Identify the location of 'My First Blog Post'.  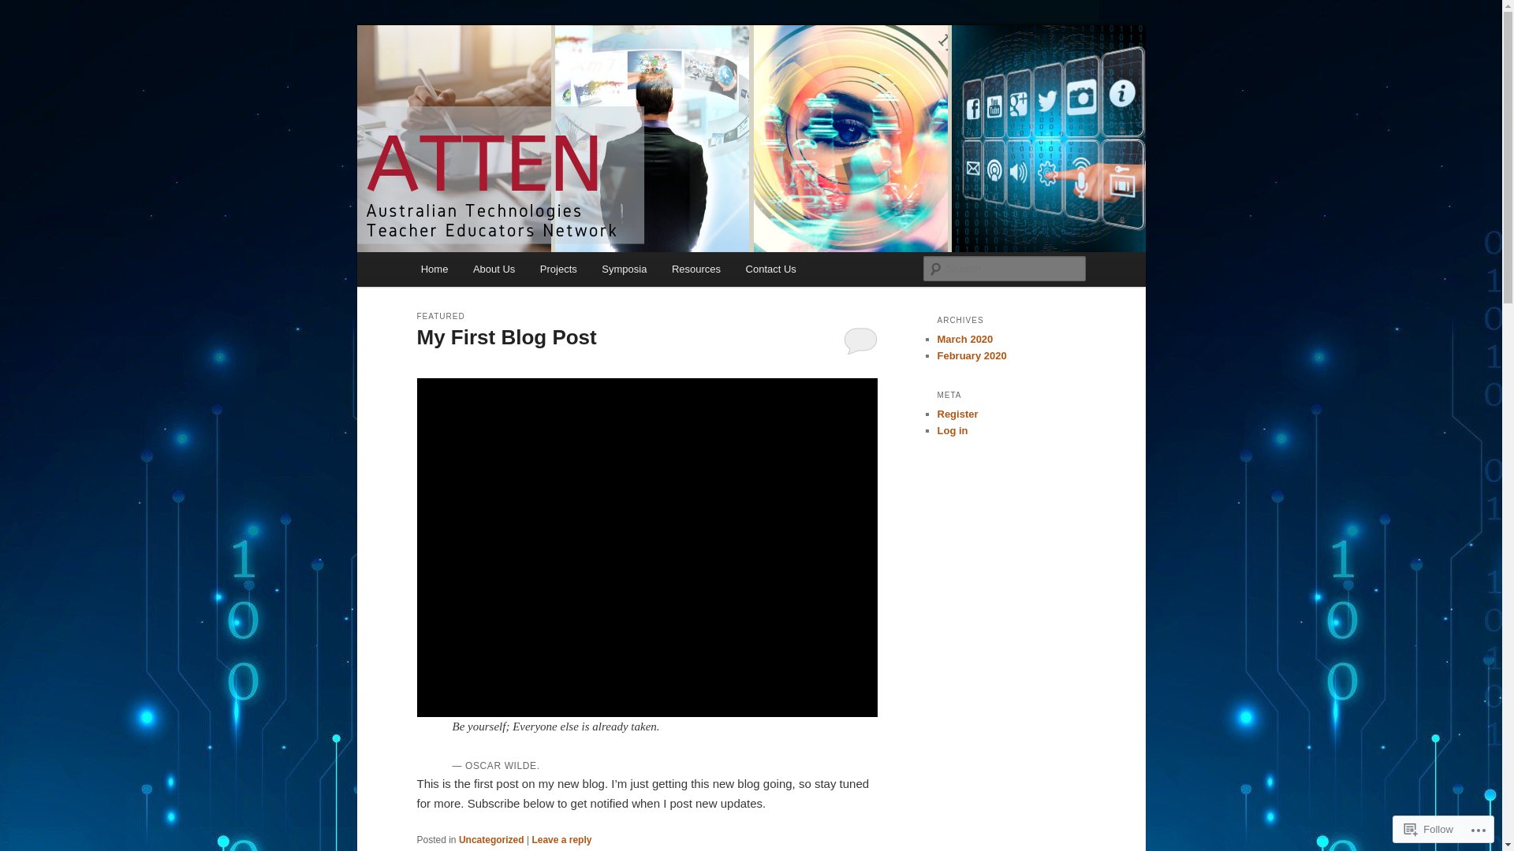
(506, 336).